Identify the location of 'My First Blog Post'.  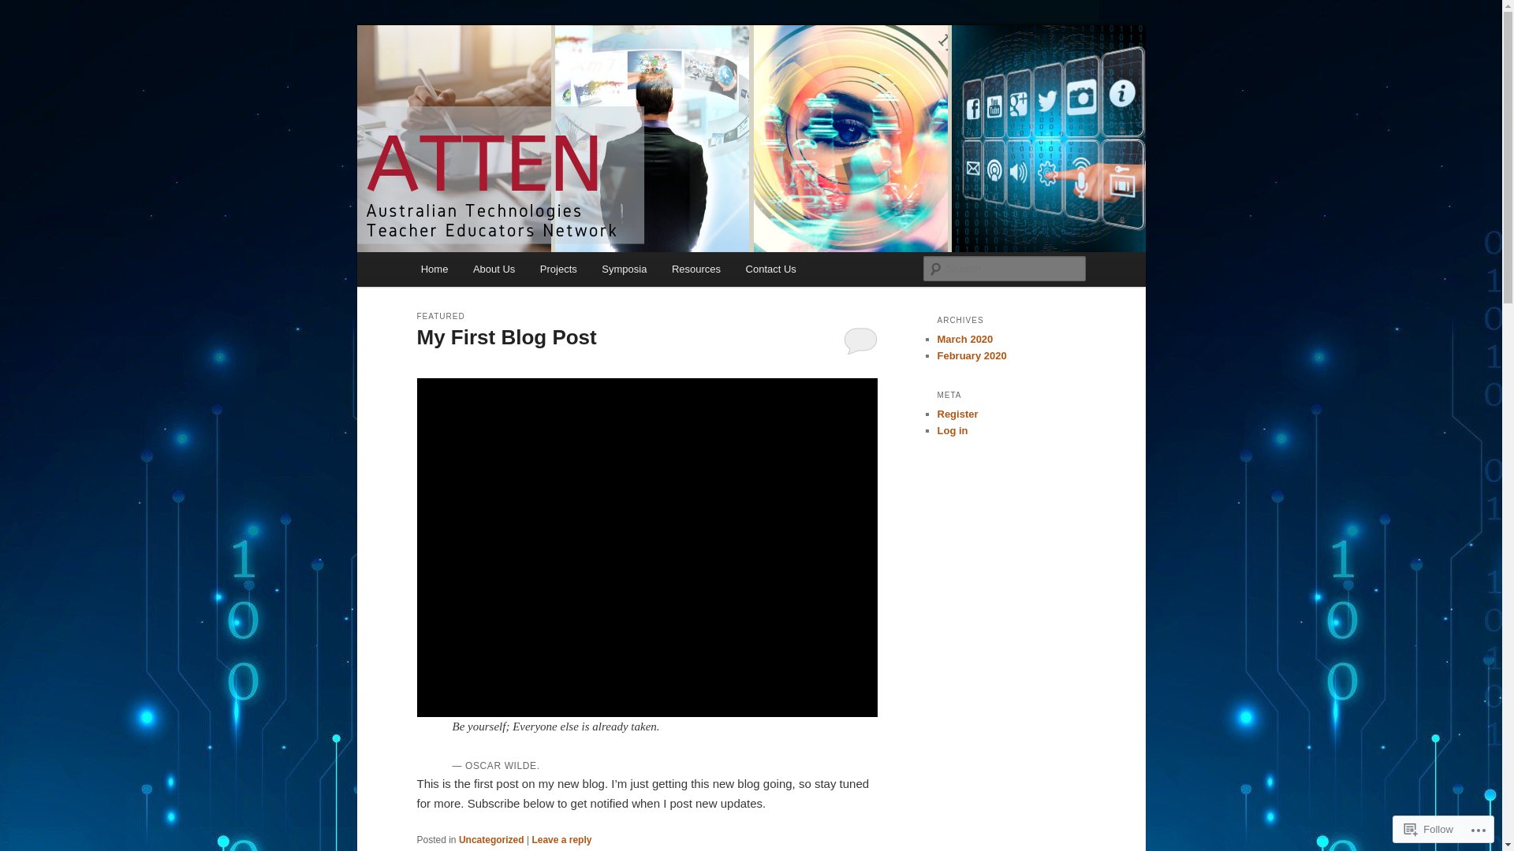
(506, 336).